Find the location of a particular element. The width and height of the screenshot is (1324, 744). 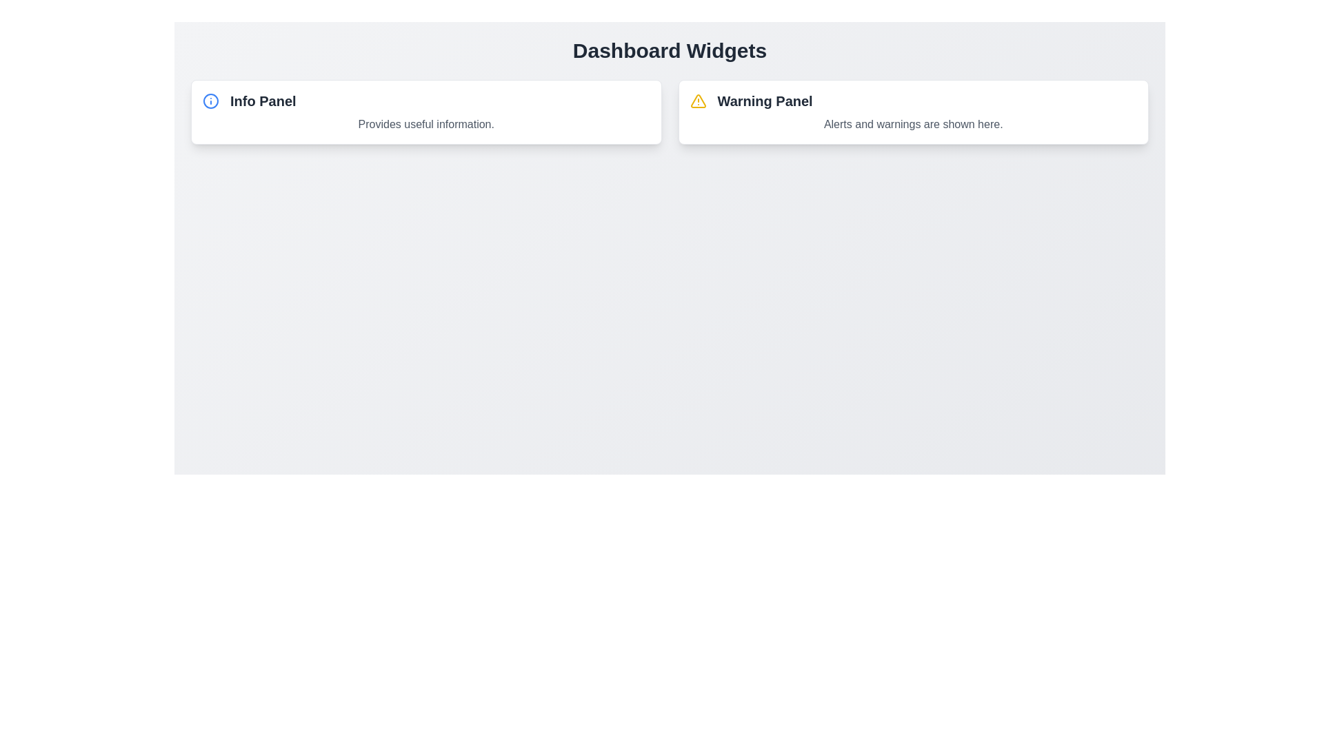

the triangular alert symbol icon outlined in yellow with a black border, which contains a vertical exclamation mark, located within the 'Warning Panel' card adjacent to the title text is located at coordinates (698, 100).